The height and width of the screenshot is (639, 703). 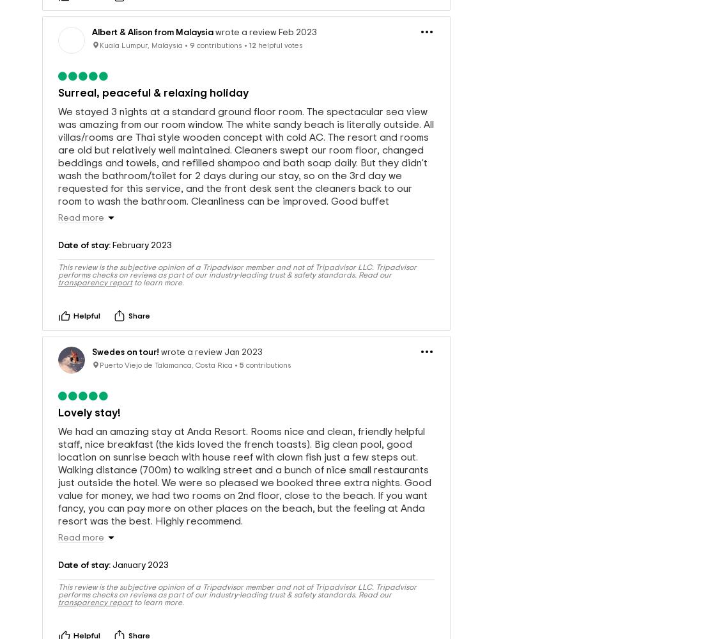 I want to click on '5', so click(x=242, y=343).